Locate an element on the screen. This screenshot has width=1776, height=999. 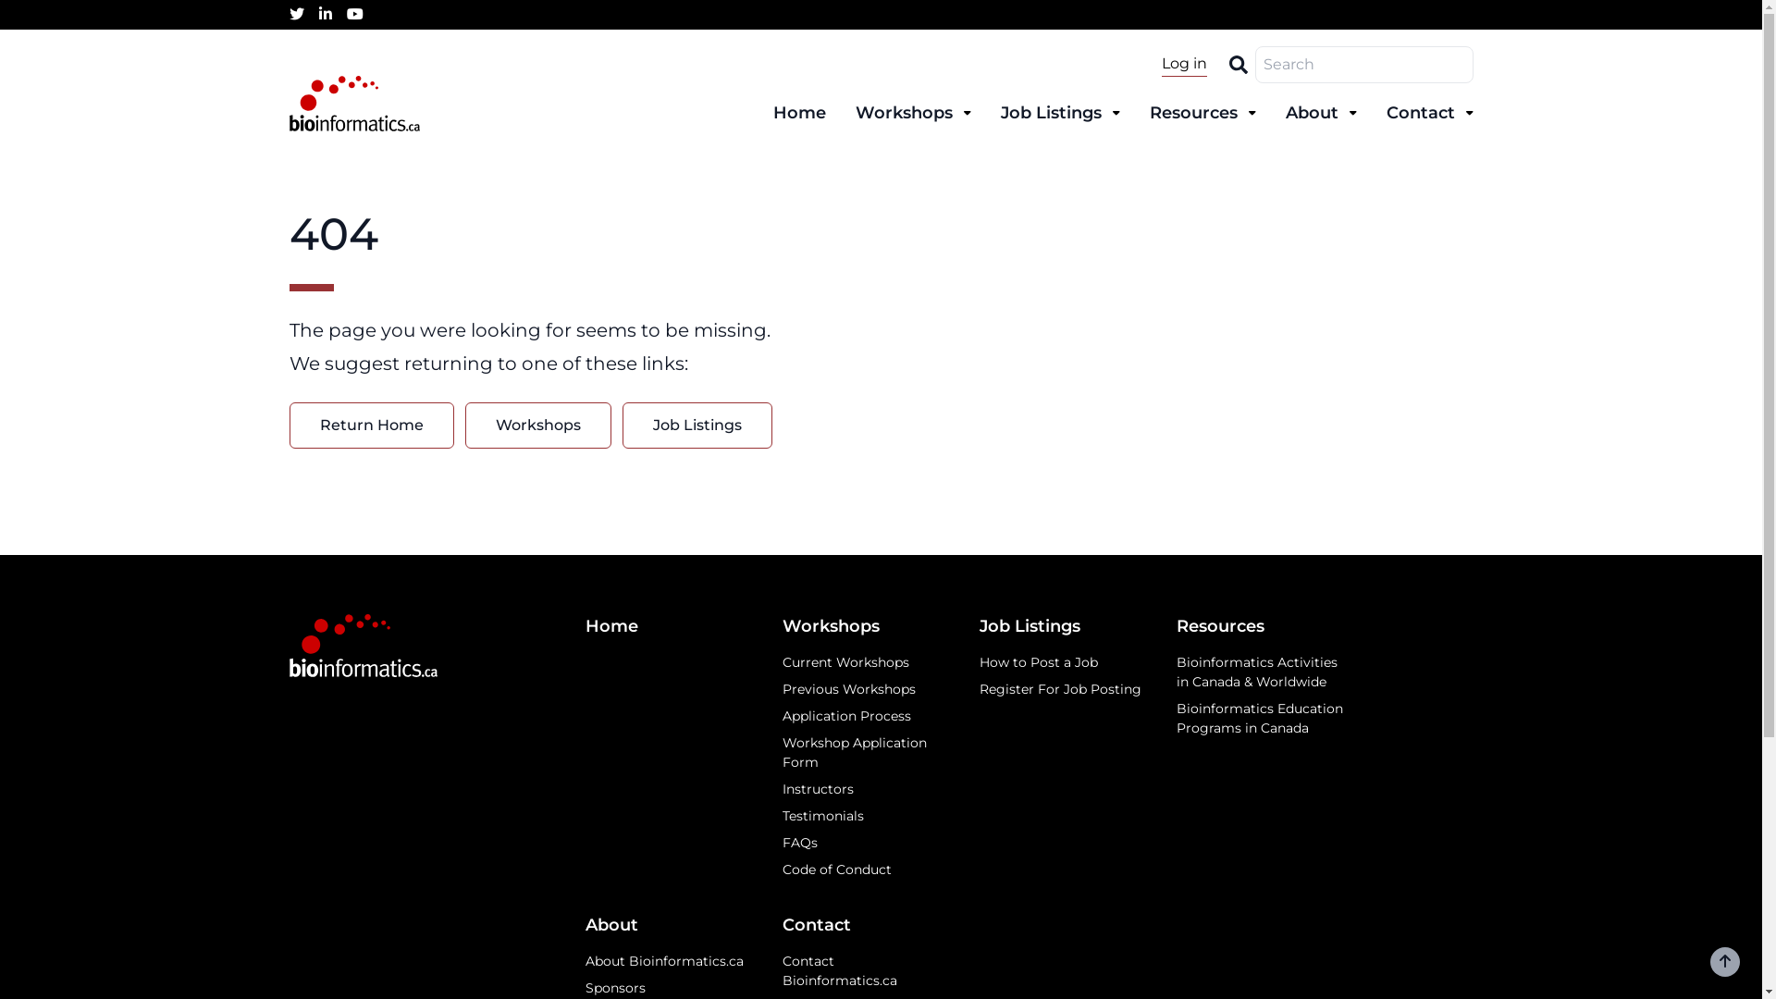
'FAQs' is located at coordinates (866, 843).